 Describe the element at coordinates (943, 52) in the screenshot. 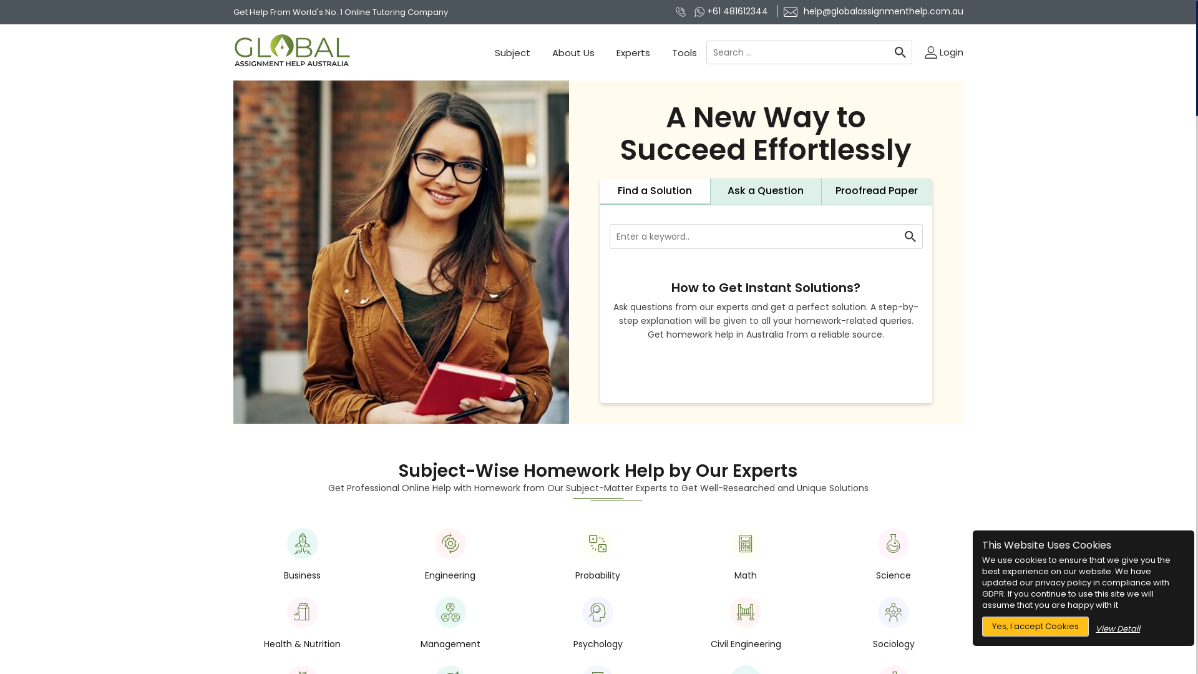

I see `'Login'` at that location.